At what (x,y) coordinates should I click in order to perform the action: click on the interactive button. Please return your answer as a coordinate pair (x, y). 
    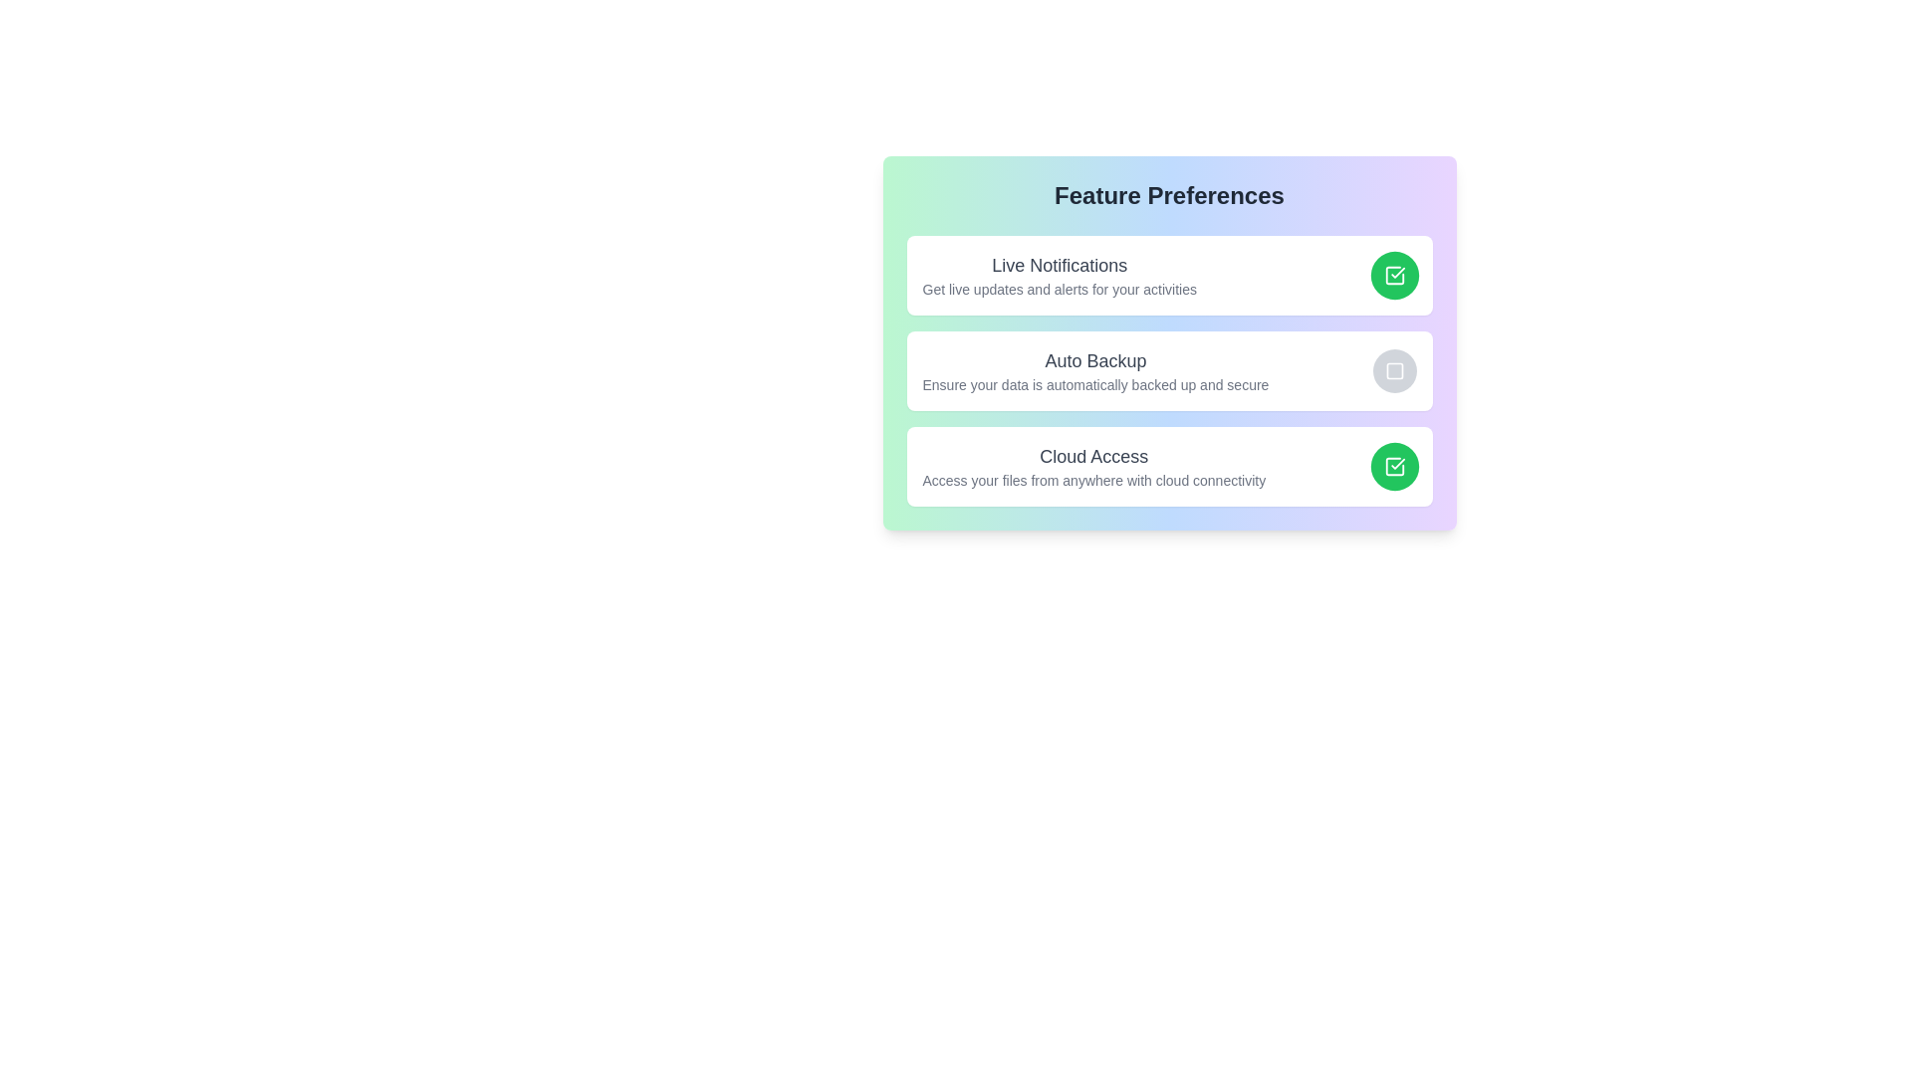
    Looking at the image, I should click on (1393, 467).